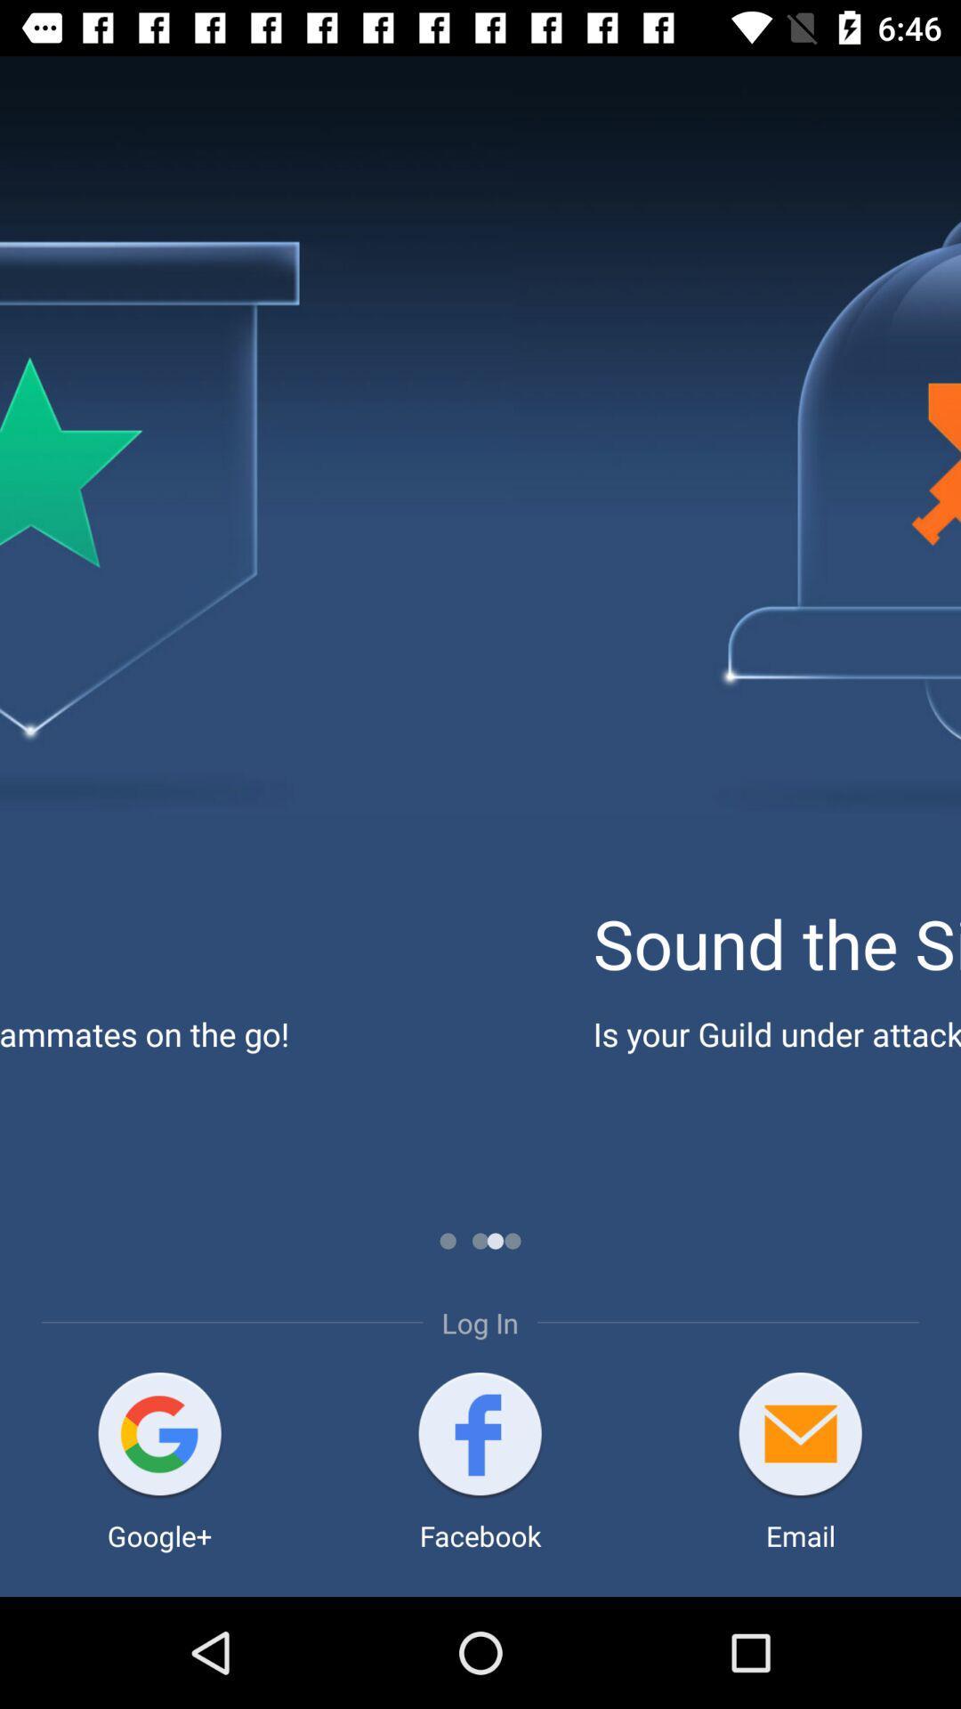 The height and width of the screenshot is (1709, 961). Describe the element at coordinates (799, 1436) in the screenshot. I see `access email` at that location.